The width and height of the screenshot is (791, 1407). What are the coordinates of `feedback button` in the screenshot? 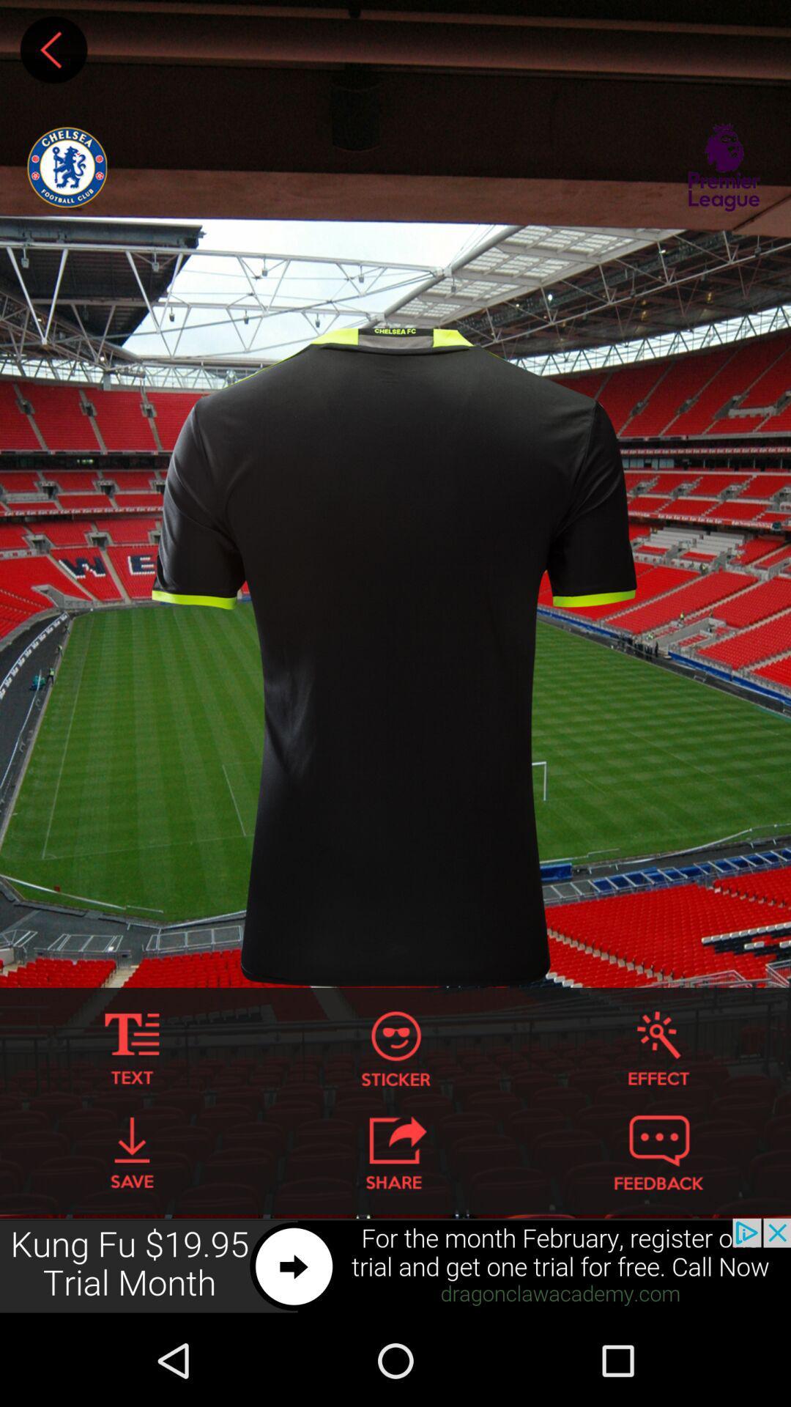 It's located at (658, 1152).